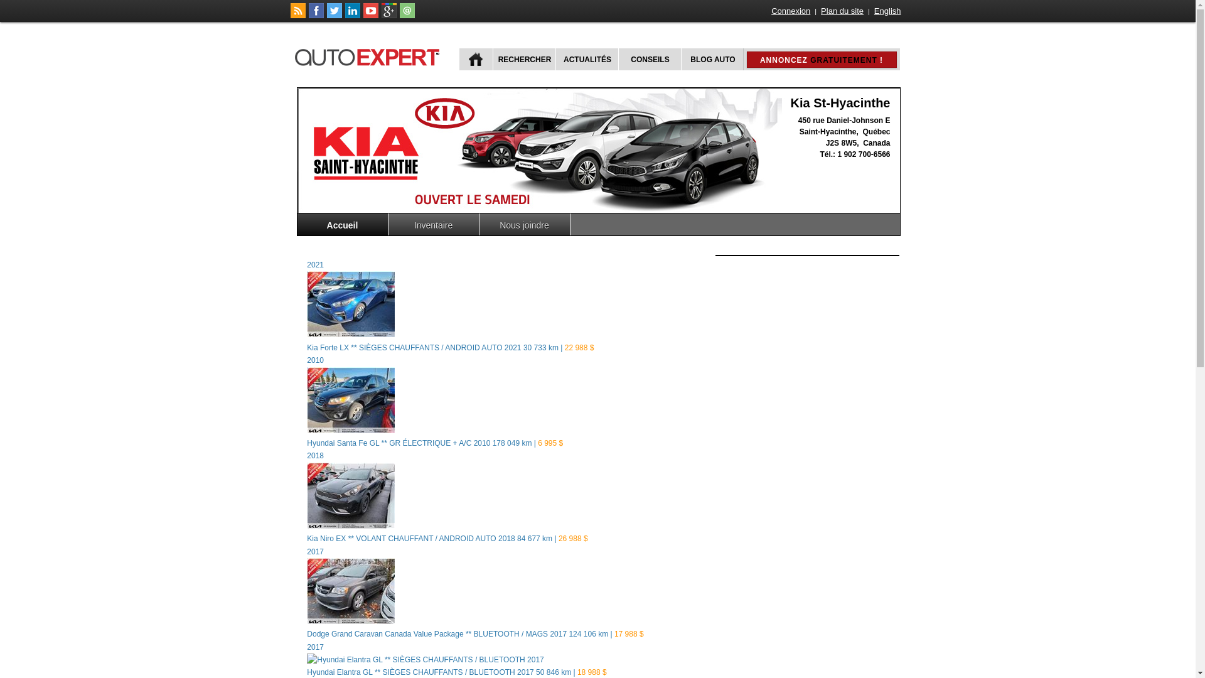 The width and height of the screenshot is (1205, 678). What do you see at coordinates (433, 223) in the screenshot?
I see `'Inventaire'` at bounding box center [433, 223].